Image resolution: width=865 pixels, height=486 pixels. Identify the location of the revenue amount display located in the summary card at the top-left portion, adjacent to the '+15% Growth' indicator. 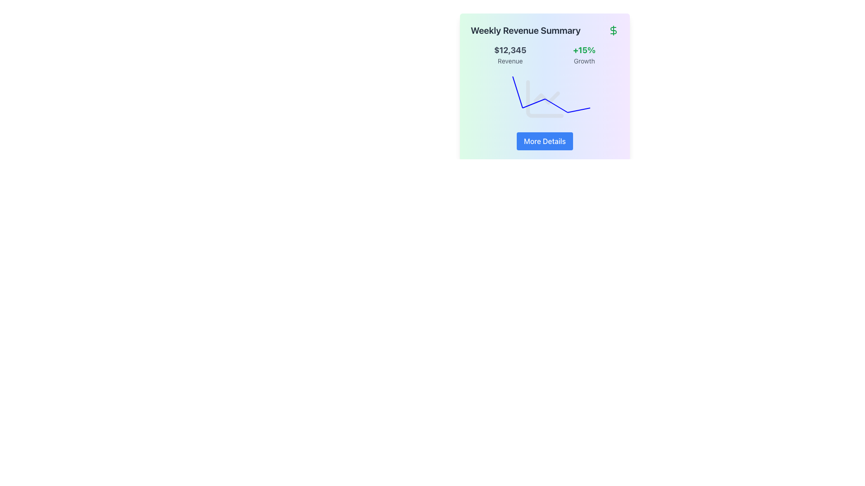
(510, 55).